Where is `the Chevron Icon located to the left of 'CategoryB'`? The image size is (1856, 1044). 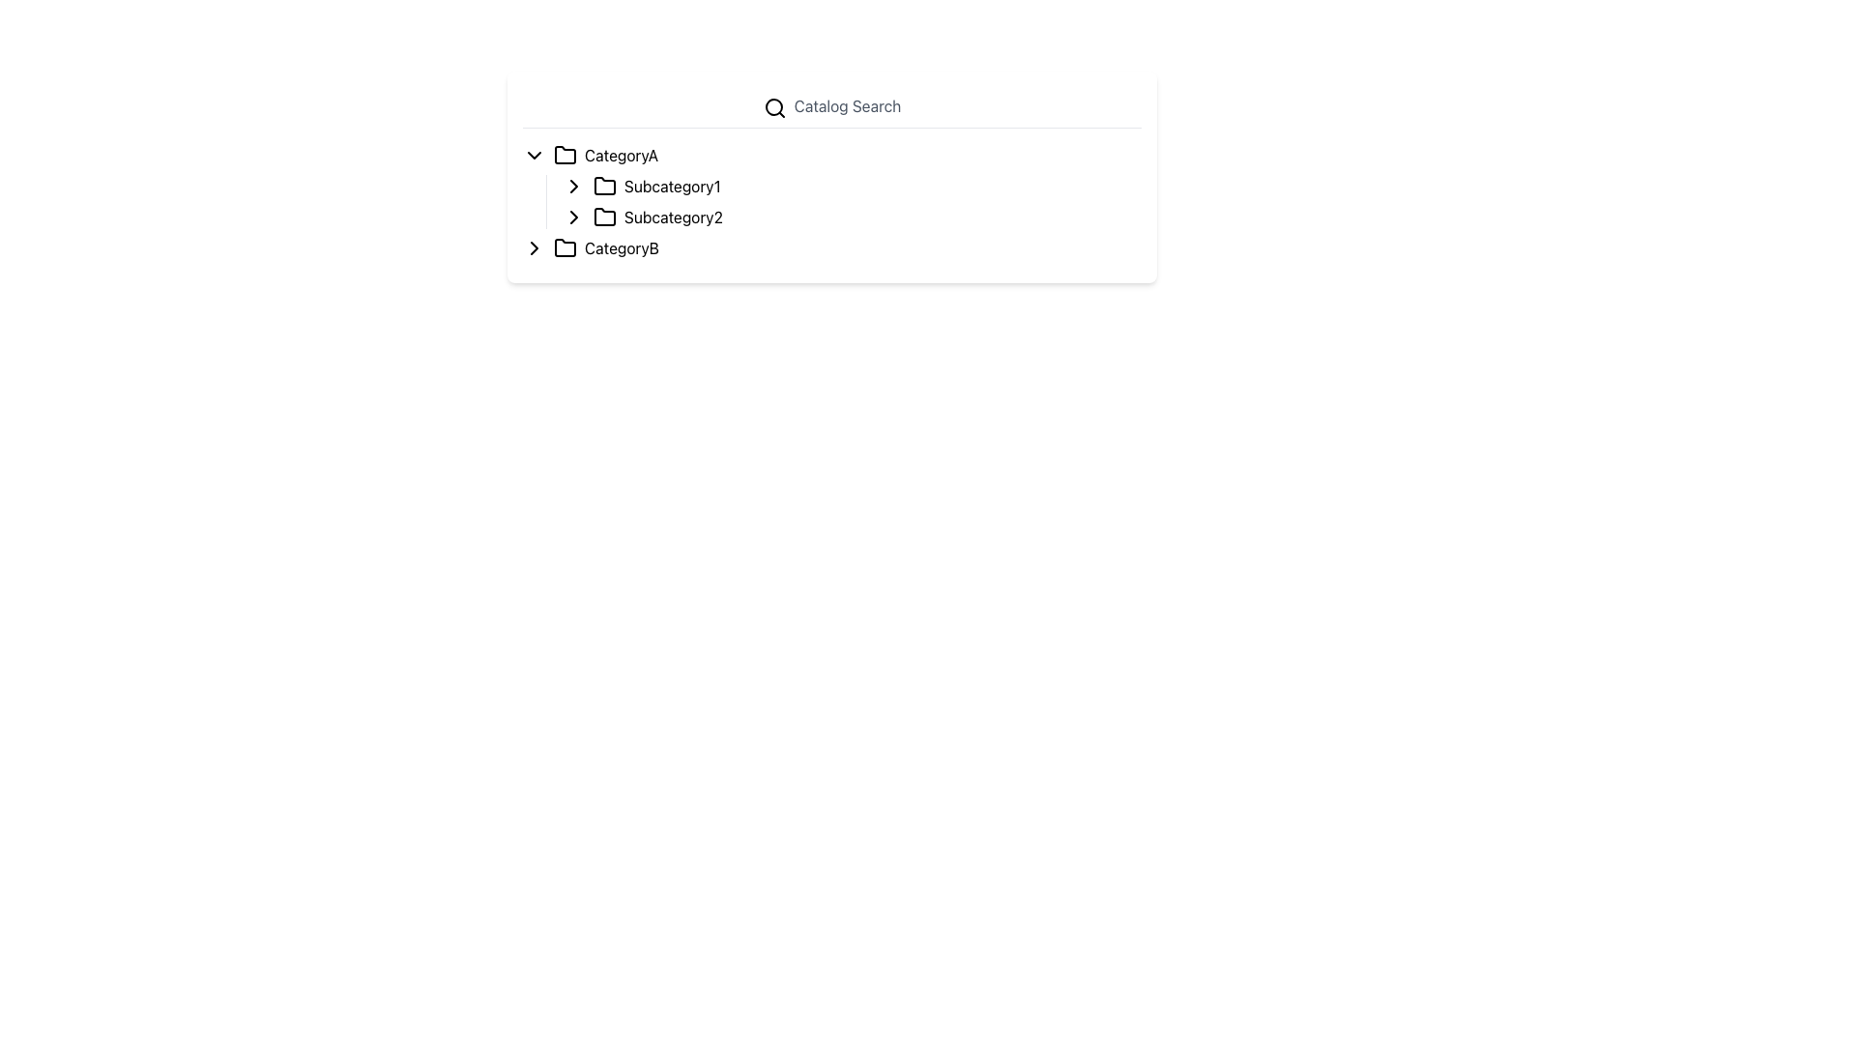 the Chevron Icon located to the left of 'CategoryB' is located at coordinates (534, 246).